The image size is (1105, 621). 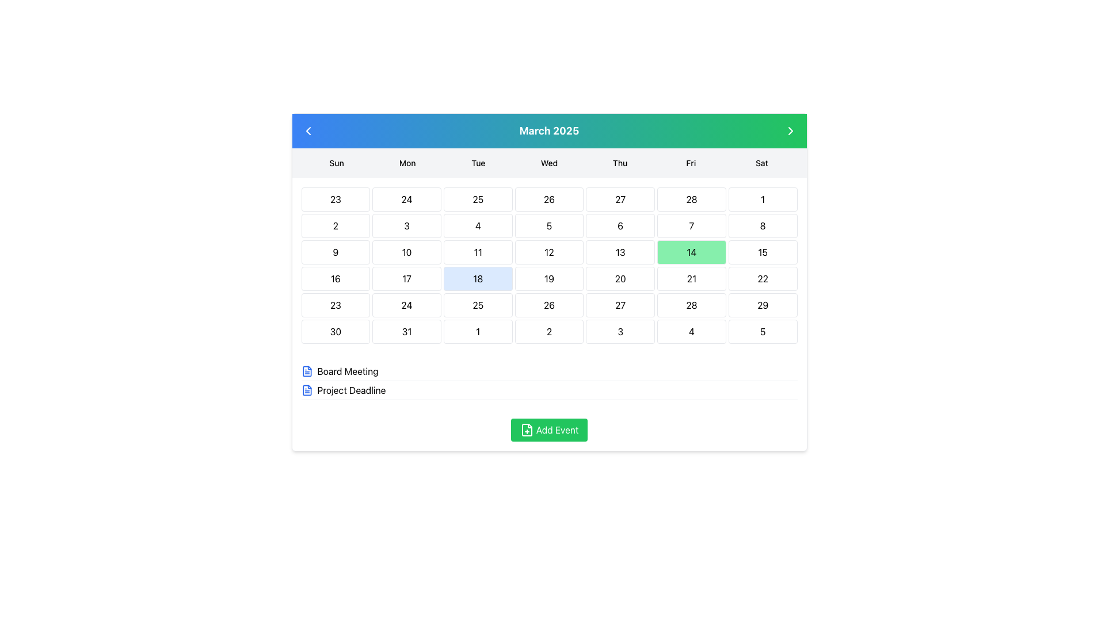 What do you see at coordinates (548, 226) in the screenshot?
I see `the button displaying the number '5' in the calendar grid` at bounding box center [548, 226].